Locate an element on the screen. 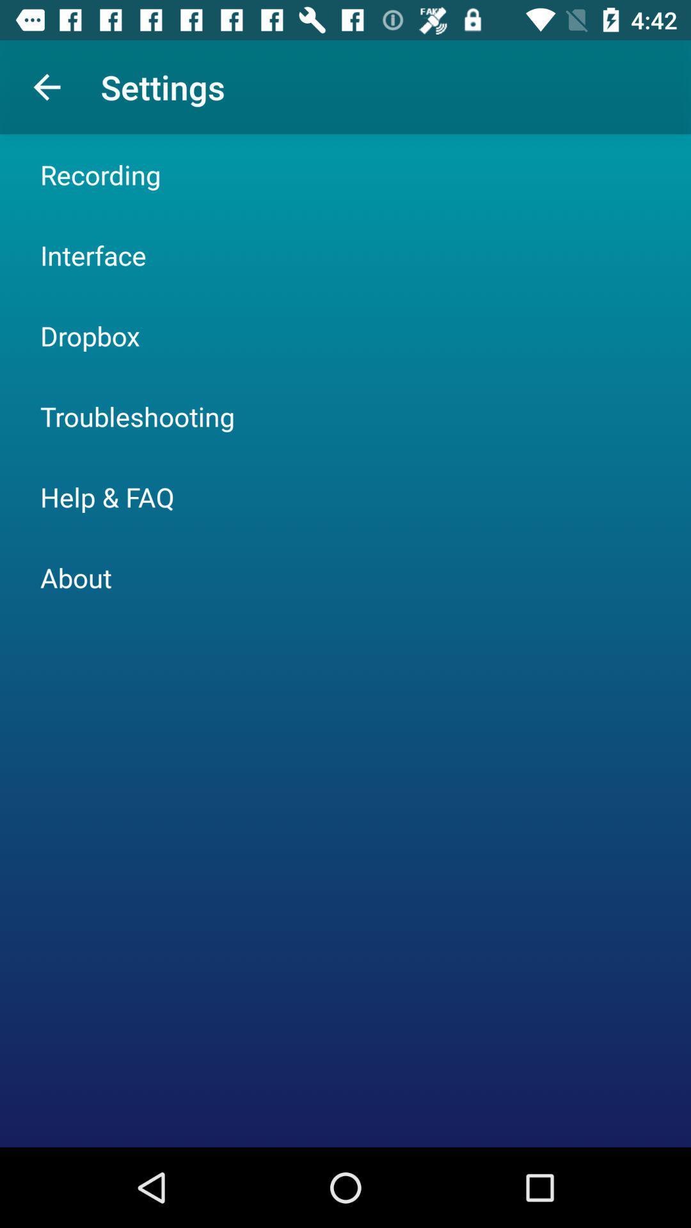 The width and height of the screenshot is (691, 1228). app next to the settings is located at coordinates (46, 86).